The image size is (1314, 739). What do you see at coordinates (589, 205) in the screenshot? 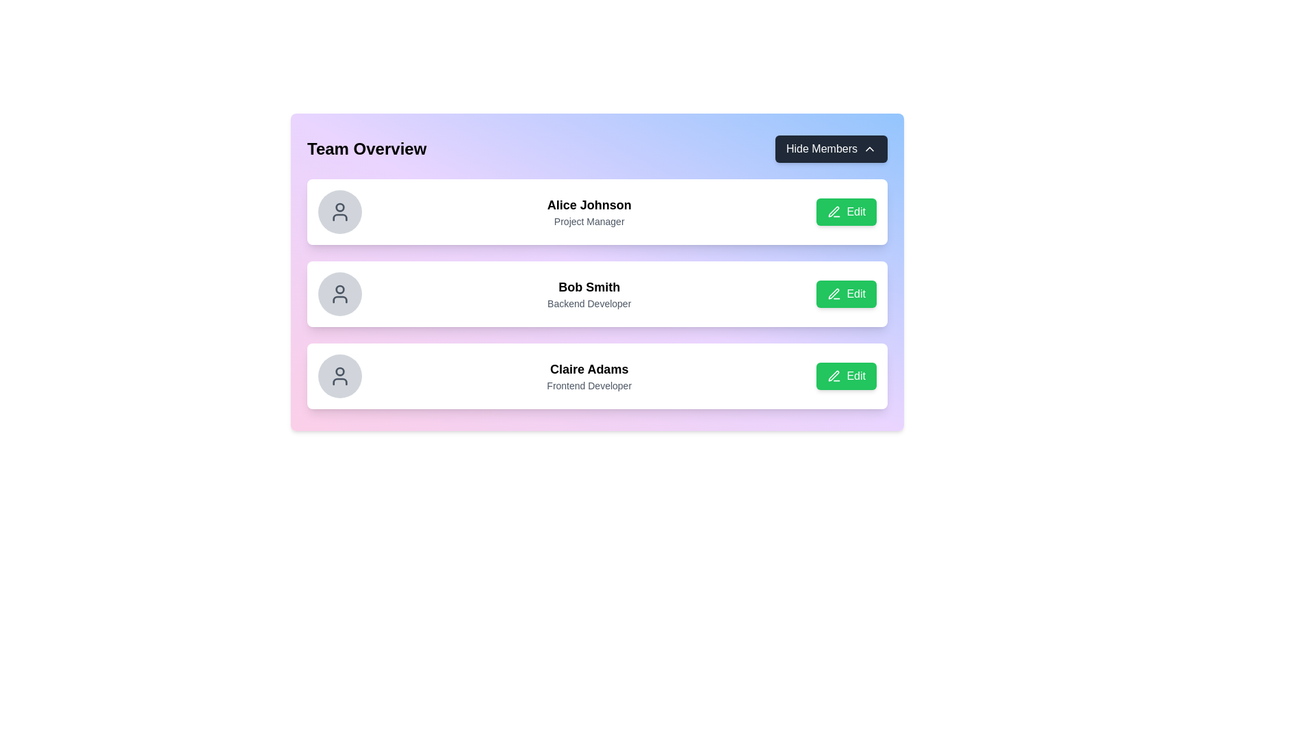
I see `text from the text label displaying 'Alice Johnson' in bold, which is positioned above the subtitle 'Project Manager'` at bounding box center [589, 205].